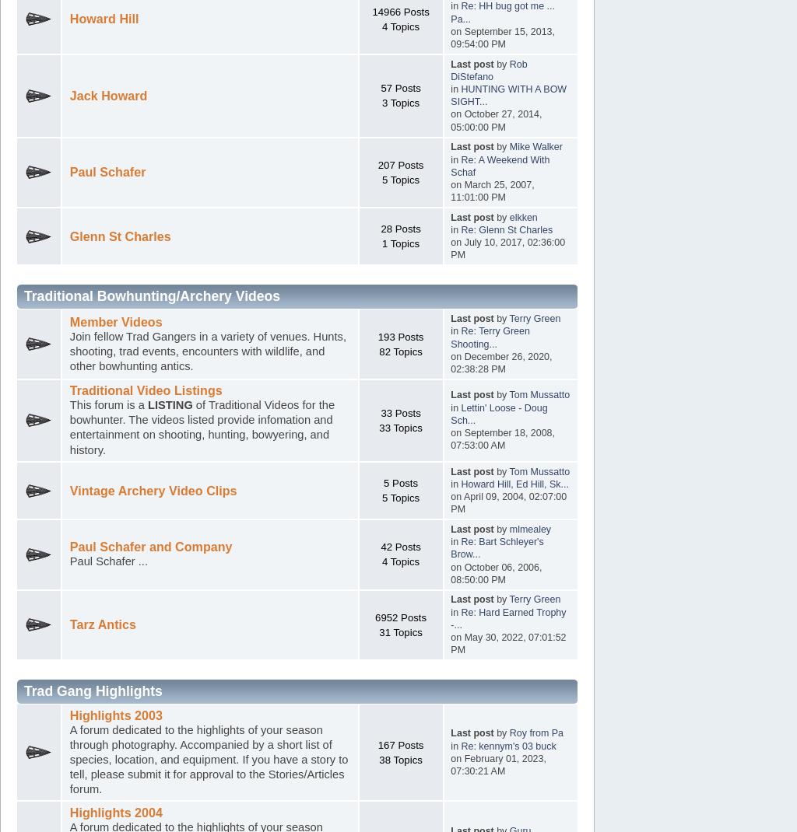  Describe the element at coordinates (400, 103) in the screenshot. I see `'3 Topics'` at that location.